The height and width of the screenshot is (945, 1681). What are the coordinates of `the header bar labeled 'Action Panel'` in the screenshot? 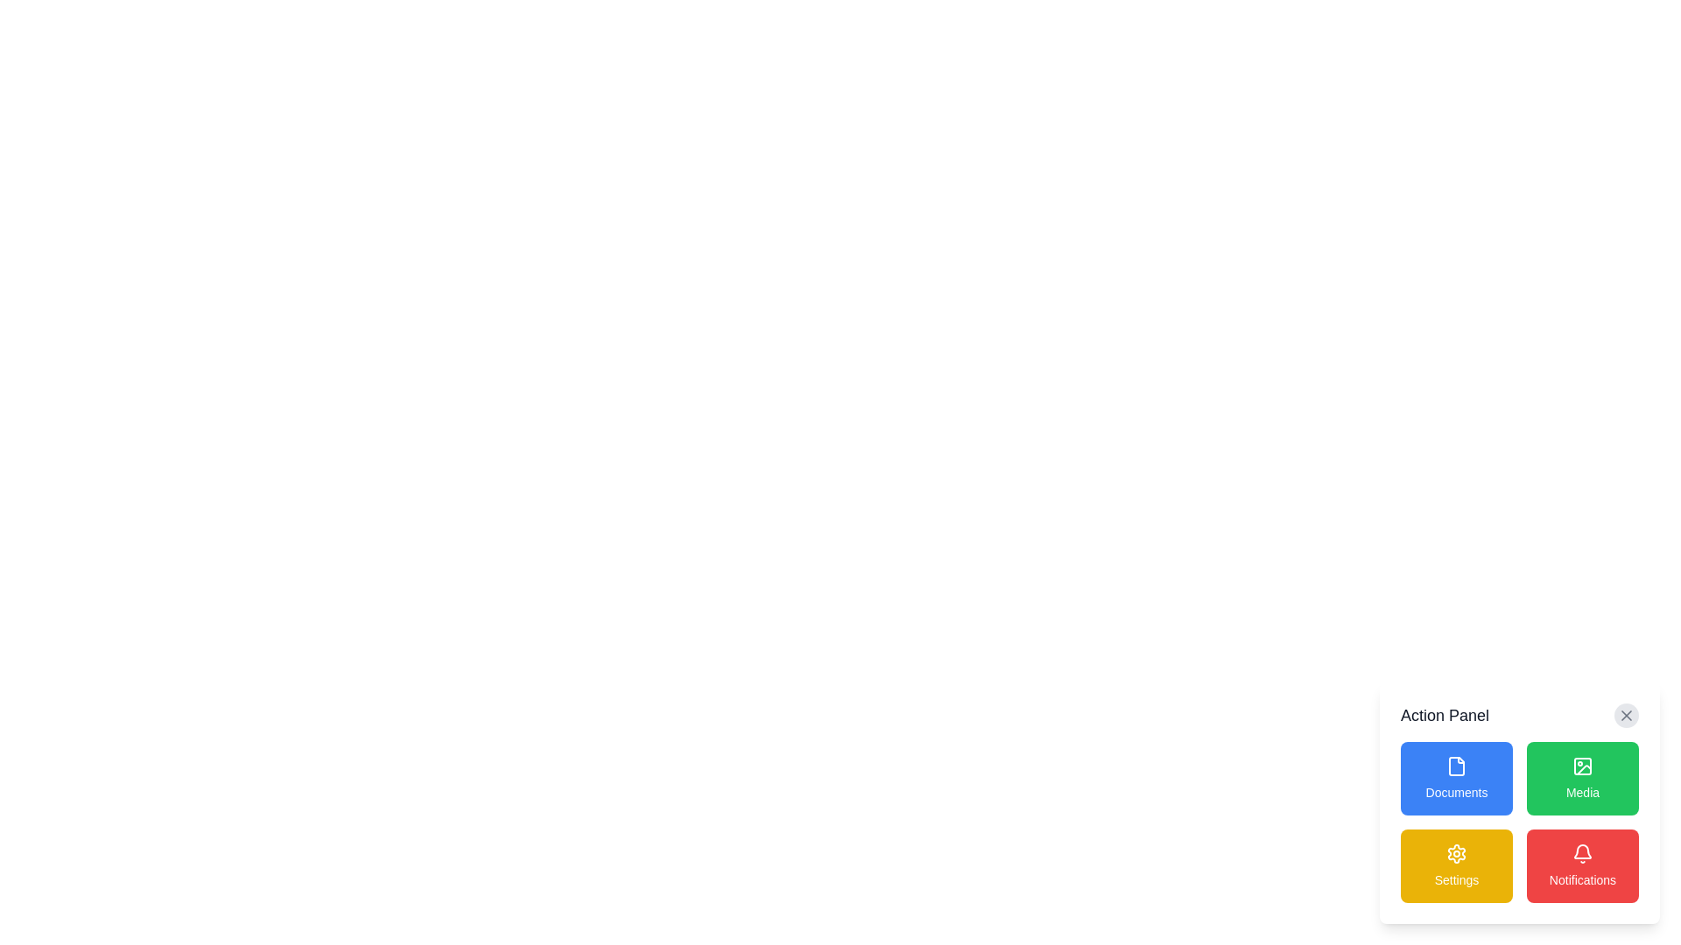 It's located at (1519, 715).